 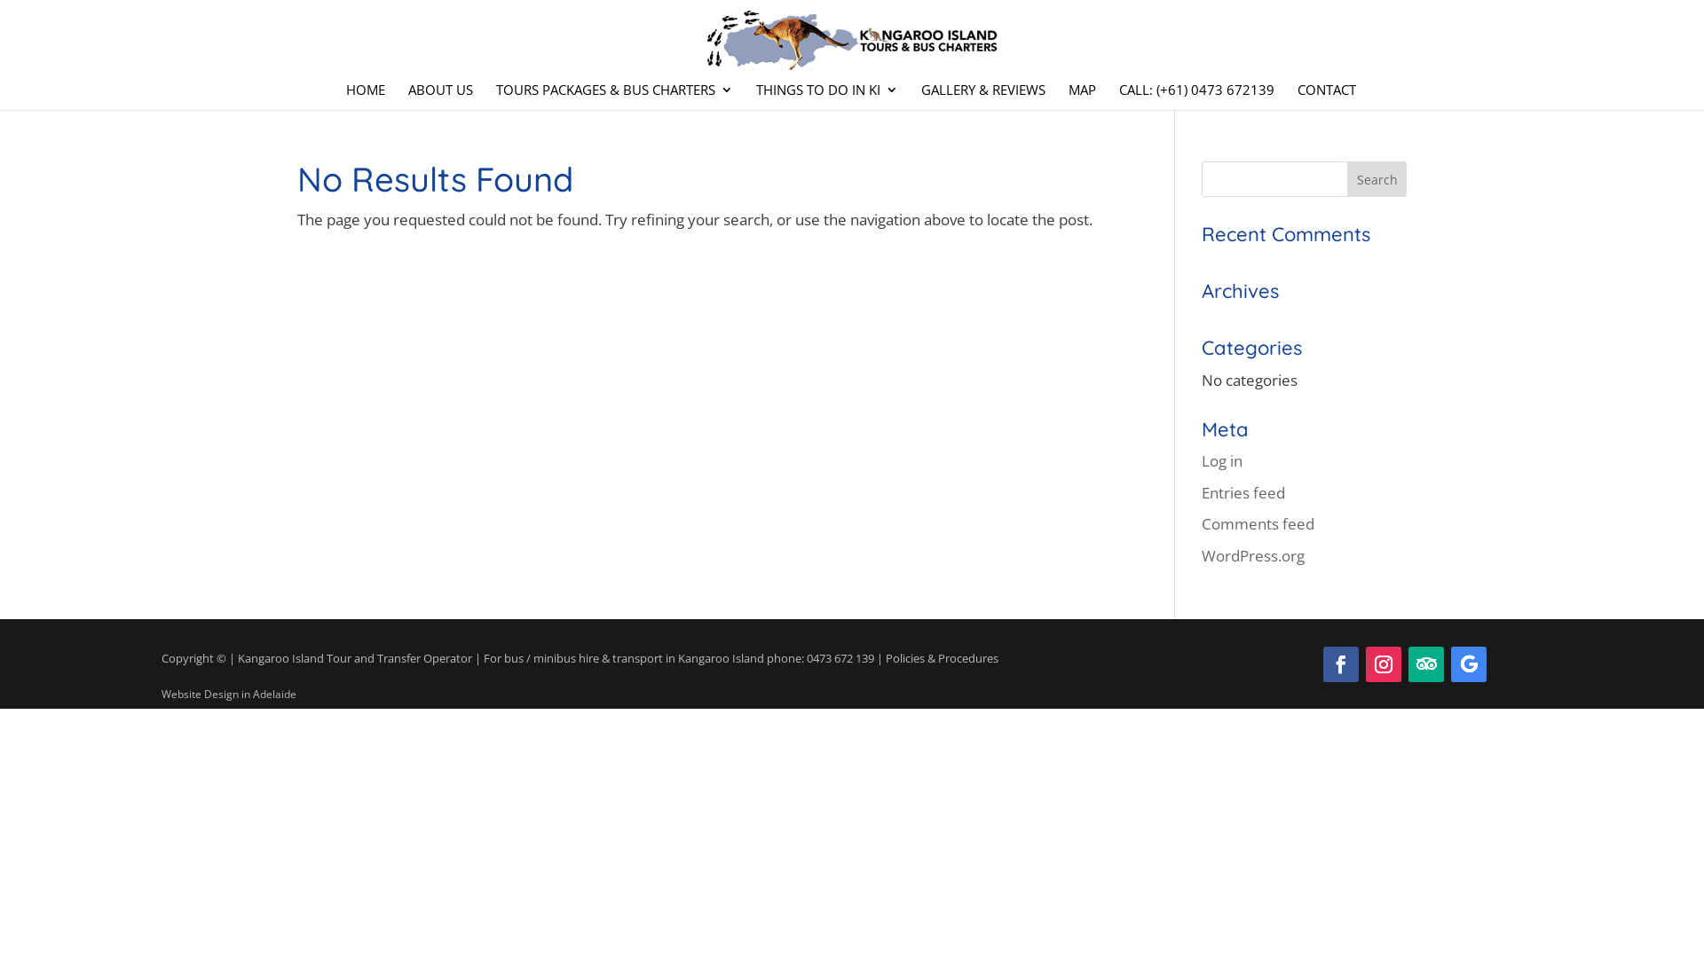 I want to click on 'GALLERY & REVIEWS', so click(x=920, y=96).